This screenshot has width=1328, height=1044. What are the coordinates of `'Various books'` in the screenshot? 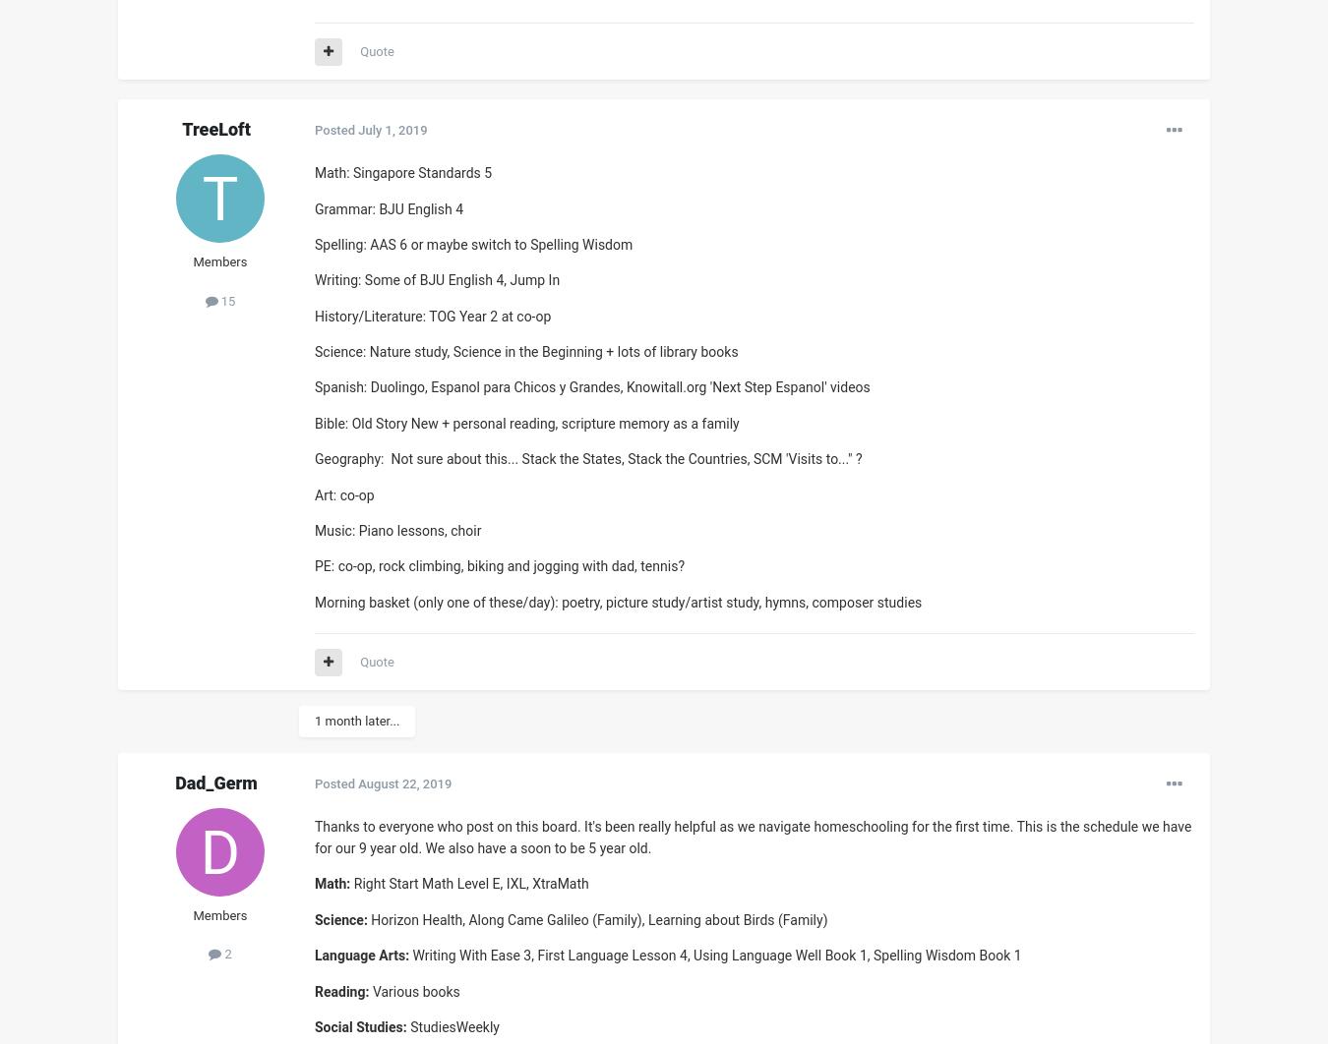 It's located at (369, 990).